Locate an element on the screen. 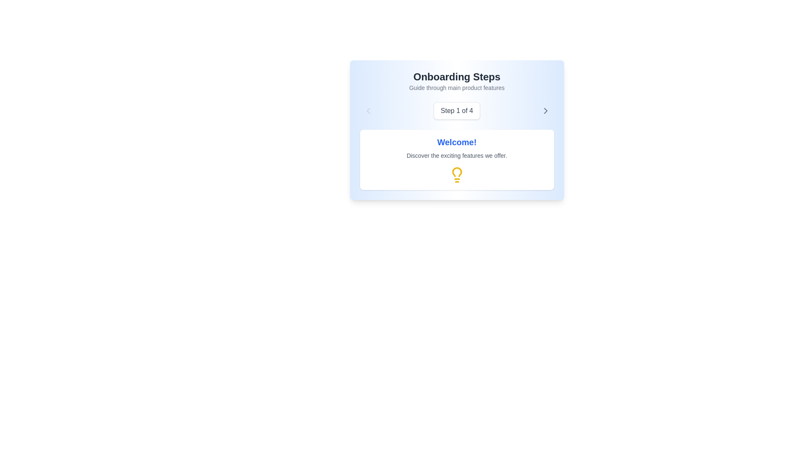 The image size is (803, 452). the upper bulb portion of the yellow lightbulb icon, which is part of an SVG element located centrally beneath the 'Welcome!' text in the onboarding card is located at coordinates (456, 172).